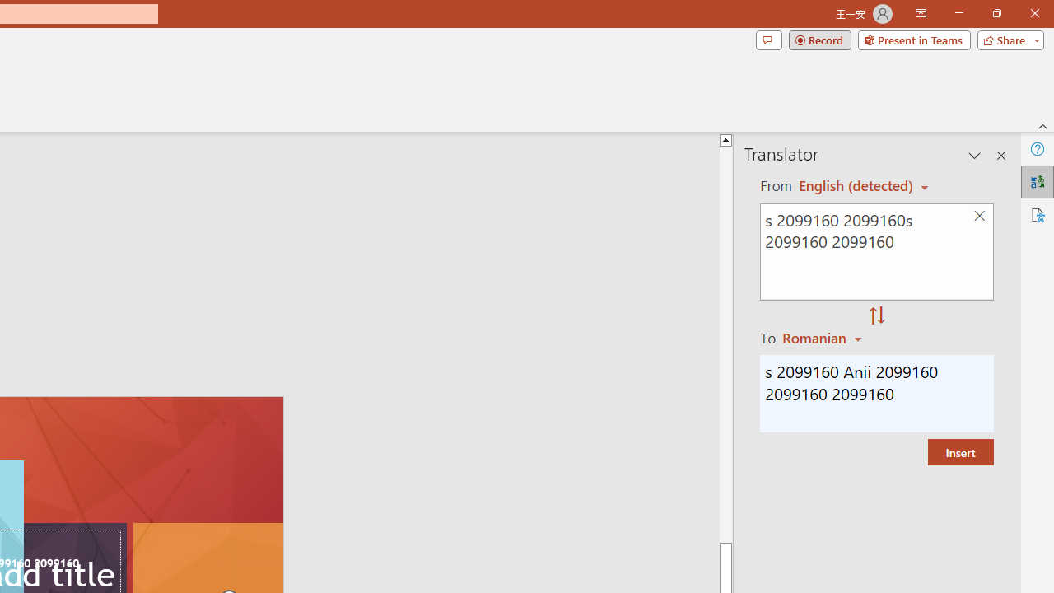 This screenshot has width=1054, height=593. I want to click on 'Task Pane Options', so click(975, 156).